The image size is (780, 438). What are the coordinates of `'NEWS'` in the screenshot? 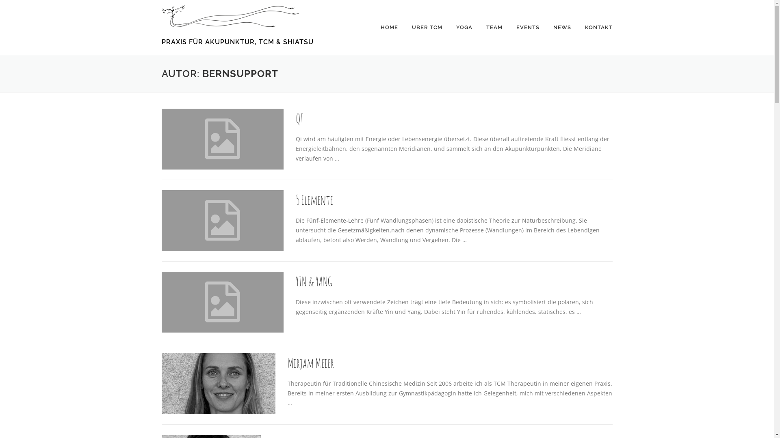 It's located at (546, 27).